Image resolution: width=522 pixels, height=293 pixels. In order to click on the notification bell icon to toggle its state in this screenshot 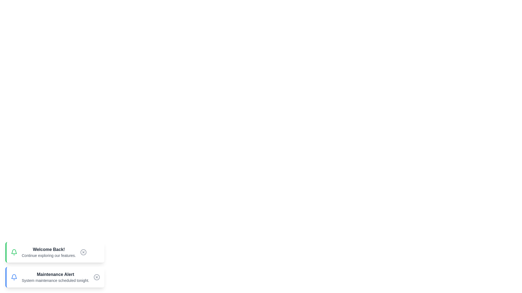, I will do `click(14, 252)`.